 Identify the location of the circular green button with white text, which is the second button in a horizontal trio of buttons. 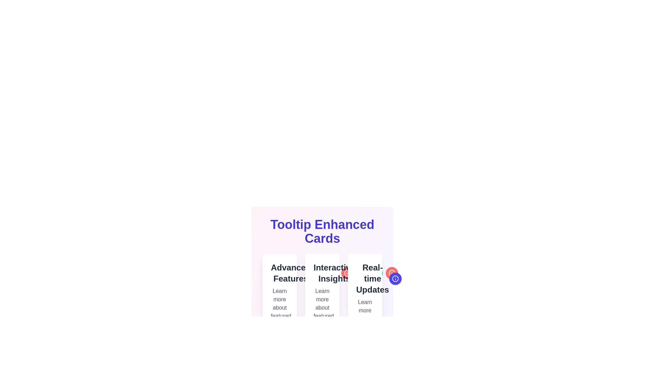
(332, 273).